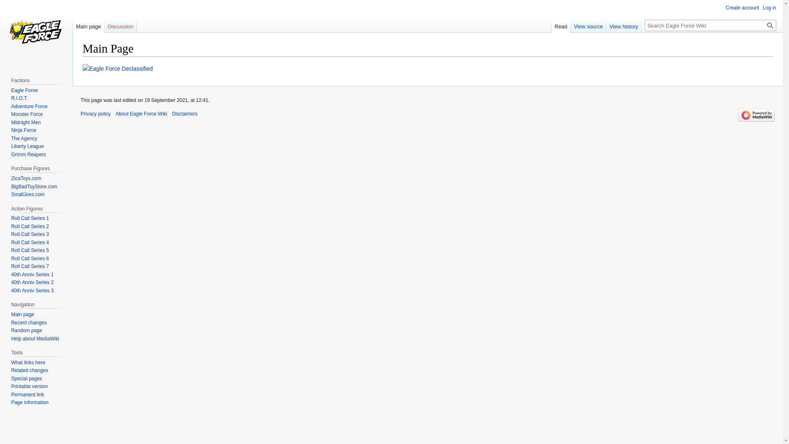 This screenshot has height=444, width=789. What do you see at coordinates (769, 8) in the screenshot?
I see `'Log in'` at bounding box center [769, 8].